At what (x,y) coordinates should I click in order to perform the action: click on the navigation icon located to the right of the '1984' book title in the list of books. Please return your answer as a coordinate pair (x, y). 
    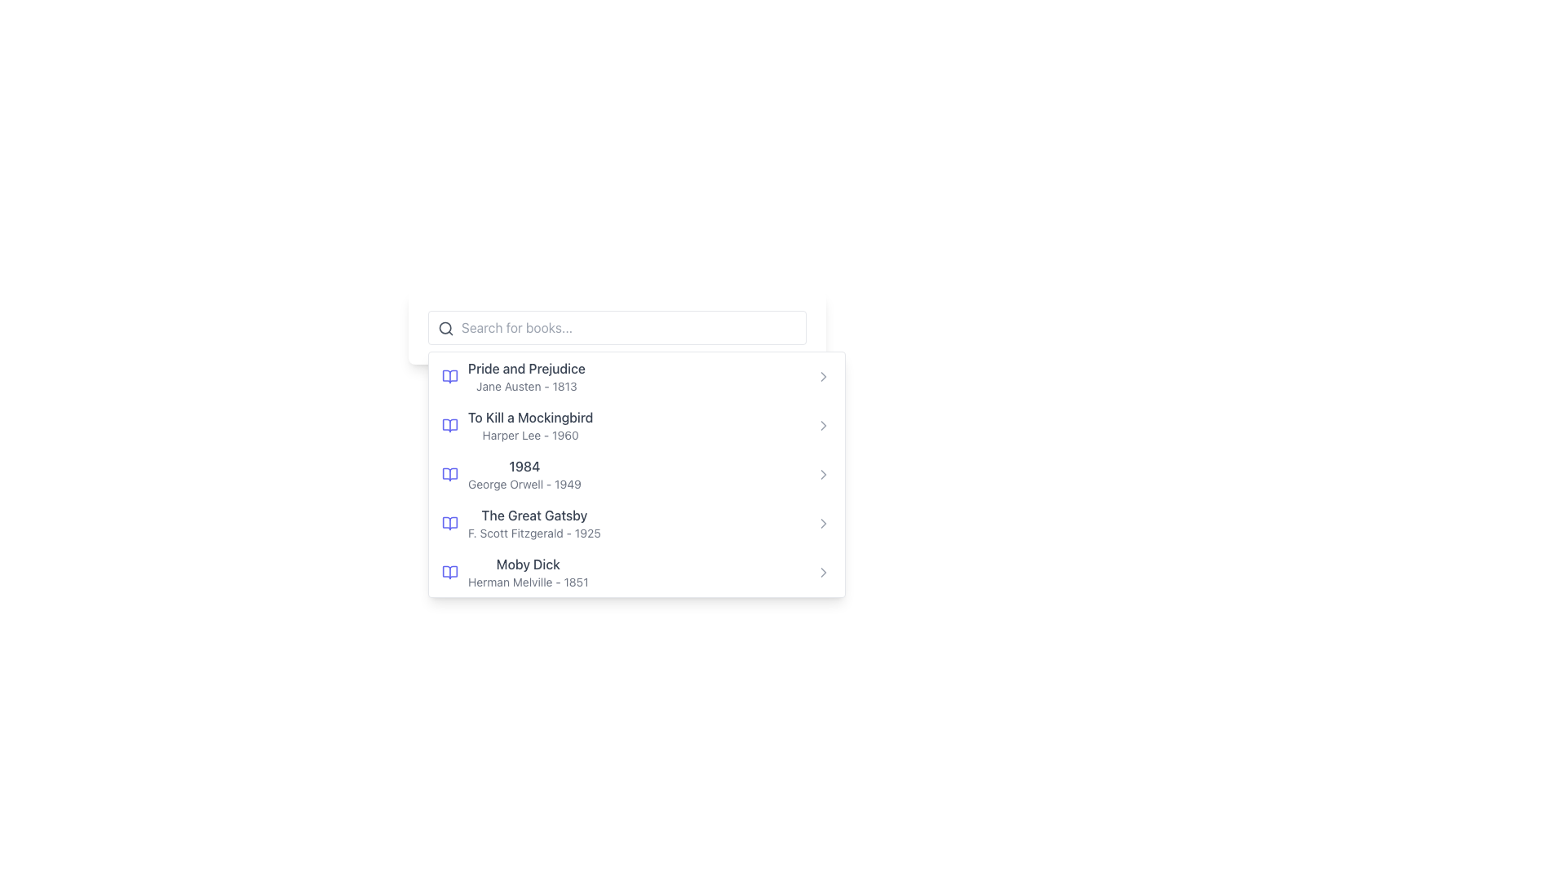
    Looking at the image, I should click on (823, 475).